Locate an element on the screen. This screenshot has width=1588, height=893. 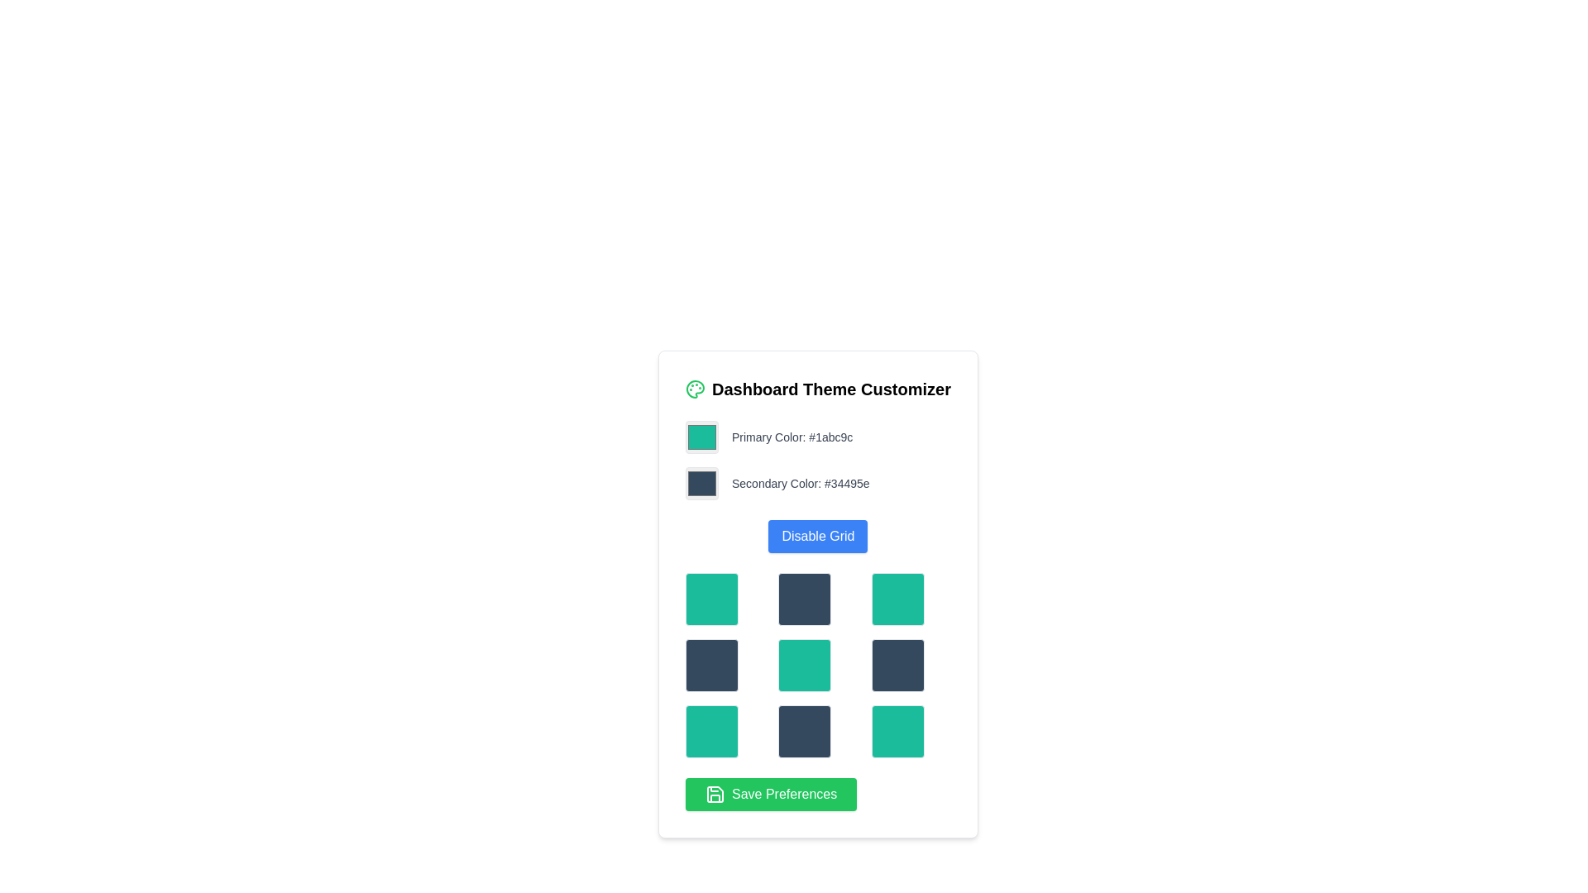
the color preview label for the primary theme color, which is positioned above the 'Secondary Color: #34495e' section and is the first among the color selectors is located at coordinates (818, 436).